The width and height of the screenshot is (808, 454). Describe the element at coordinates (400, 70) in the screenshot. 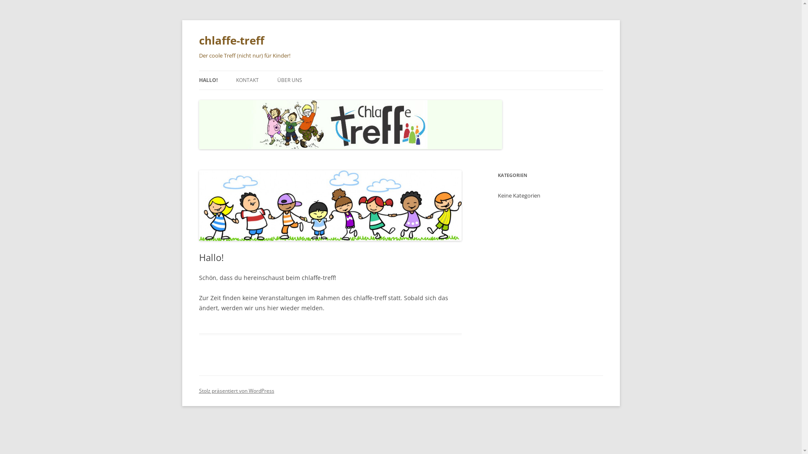

I see `'Zum Inhalt springen'` at that location.